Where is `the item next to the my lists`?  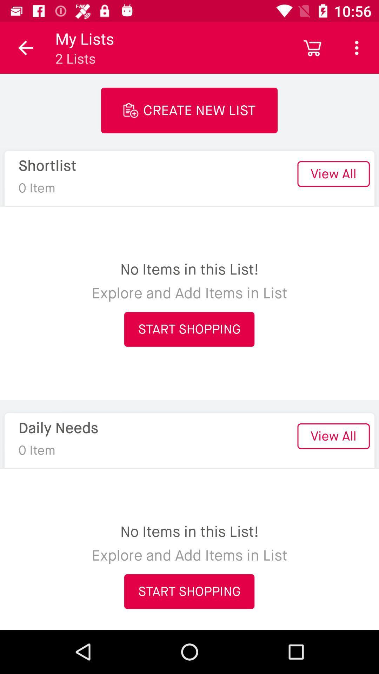 the item next to the my lists is located at coordinates (25, 47).